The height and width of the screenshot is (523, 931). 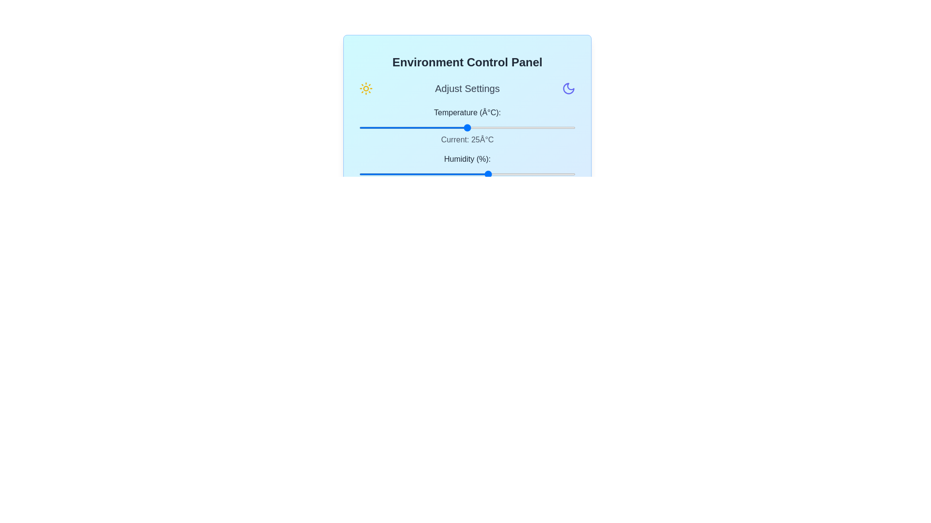 What do you see at coordinates (389, 127) in the screenshot?
I see `the temperature slider to set the temperature to 7°C` at bounding box center [389, 127].